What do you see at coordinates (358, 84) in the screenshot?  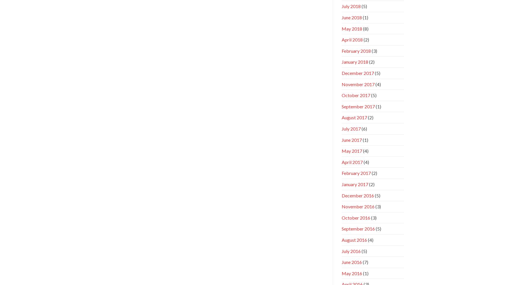 I see `'November 2017'` at bounding box center [358, 84].